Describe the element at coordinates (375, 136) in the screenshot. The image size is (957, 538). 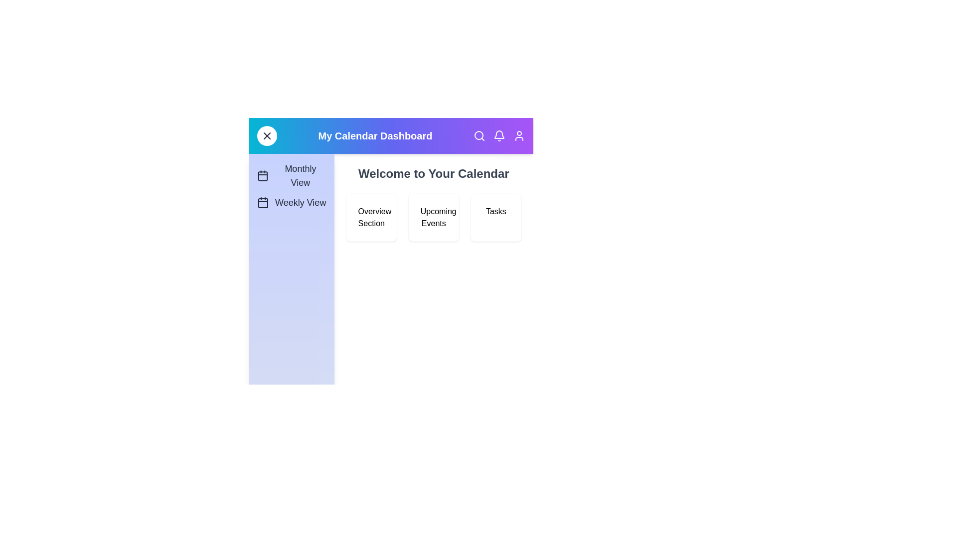
I see `the text label that serves as the title or heading of the current dashboard interface, located near the center of the header section` at that location.